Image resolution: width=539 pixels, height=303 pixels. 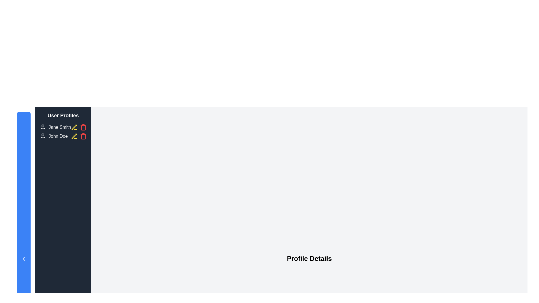 What do you see at coordinates (24, 258) in the screenshot?
I see `the left-pointing chevron icon located in the left vertical blue panel near the bottom` at bounding box center [24, 258].